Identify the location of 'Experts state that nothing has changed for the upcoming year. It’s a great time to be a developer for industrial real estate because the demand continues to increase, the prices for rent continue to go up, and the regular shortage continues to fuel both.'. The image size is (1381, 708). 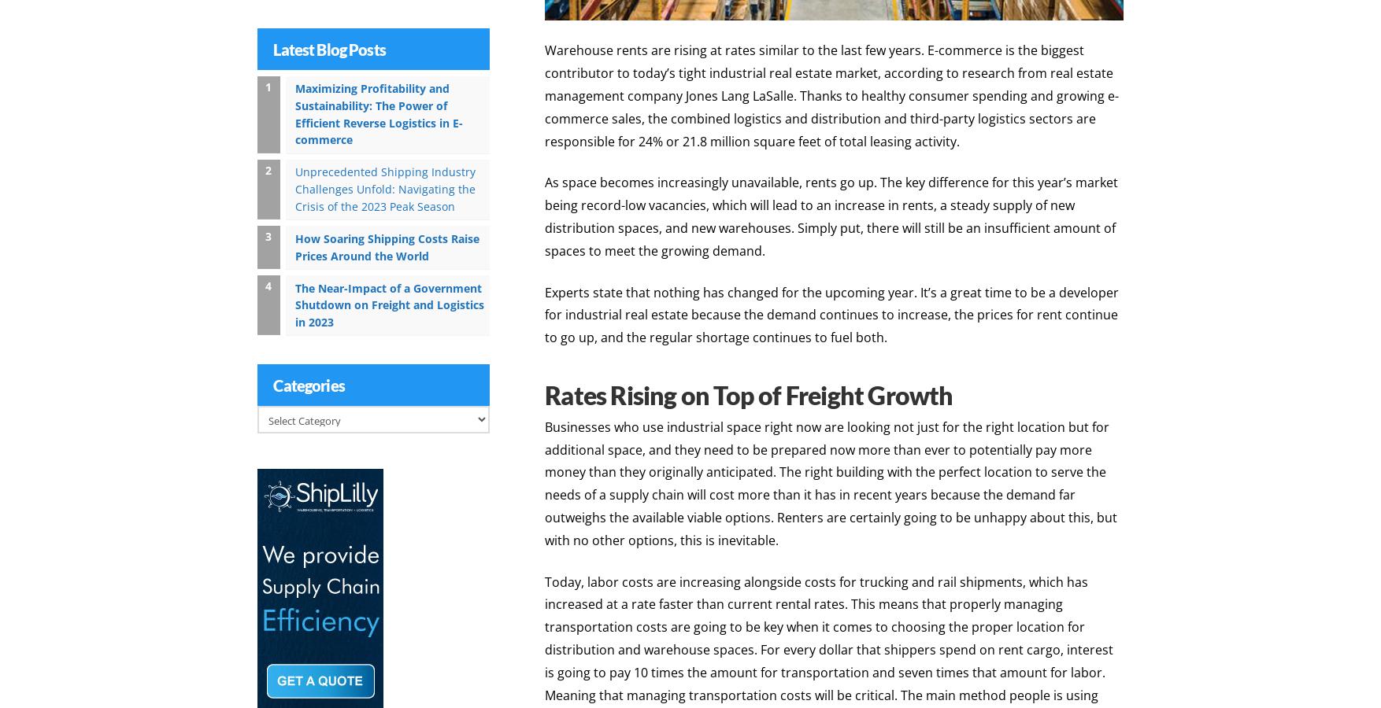
(831, 313).